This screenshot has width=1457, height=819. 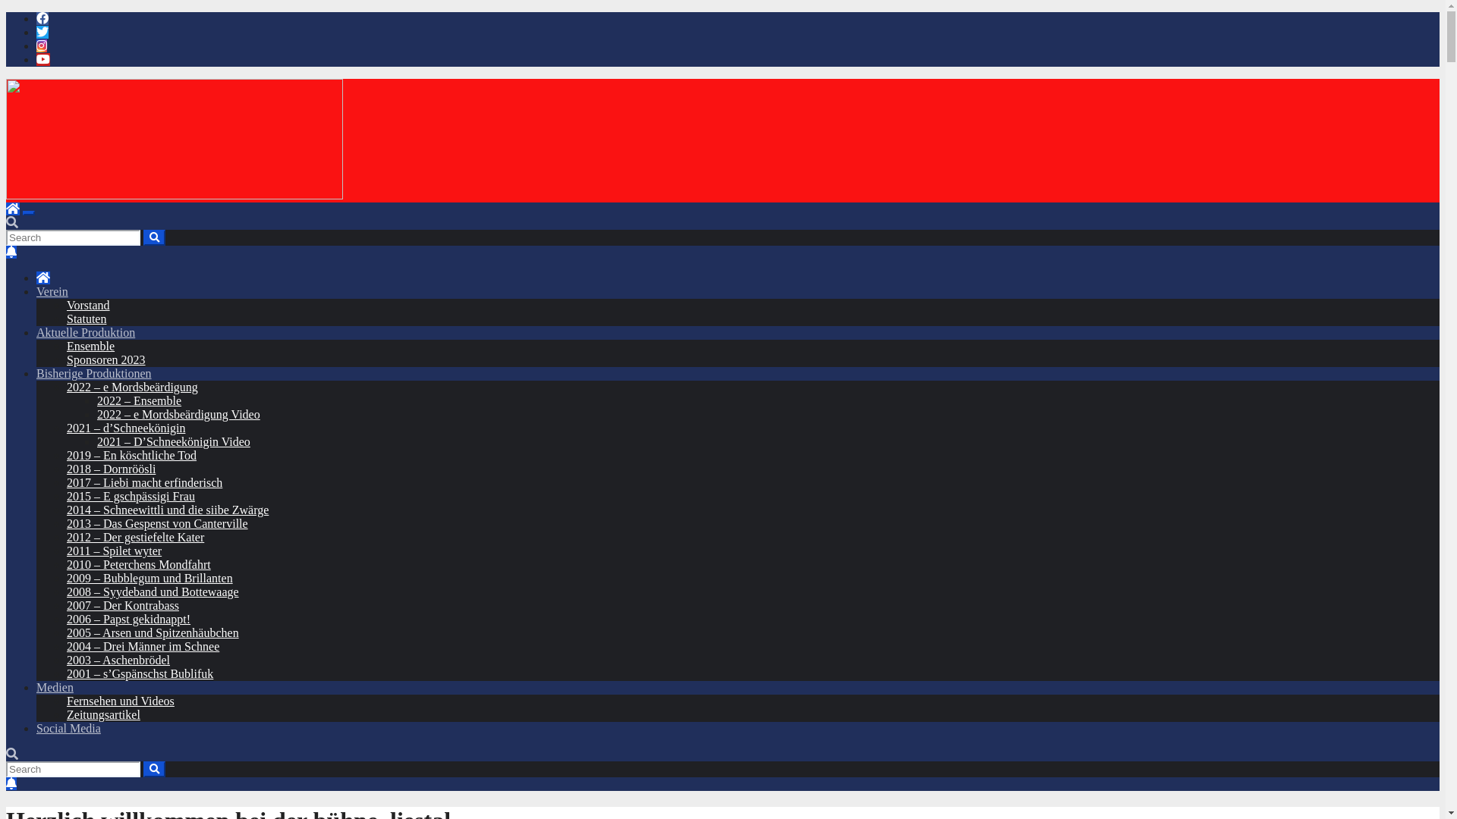 What do you see at coordinates (55, 687) in the screenshot?
I see `'Medien'` at bounding box center [55, 687].